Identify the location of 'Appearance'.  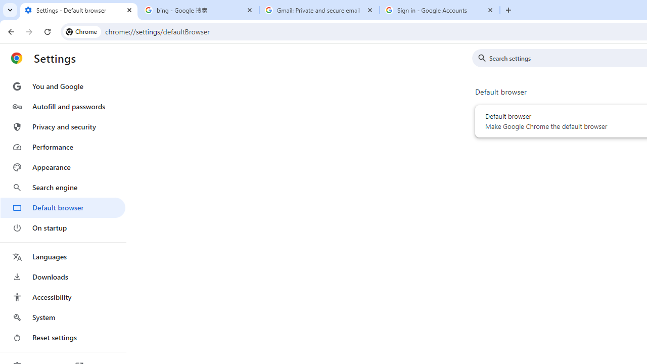
(62, 167).